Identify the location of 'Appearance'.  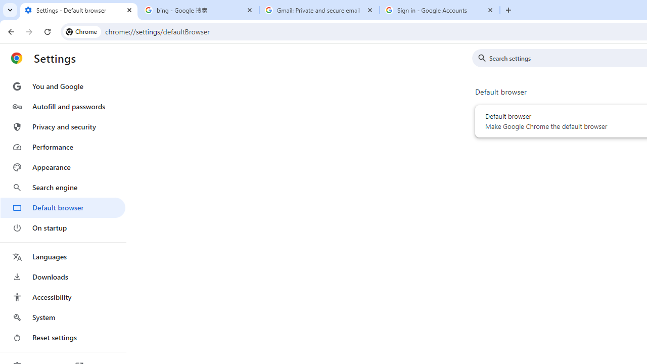
(62, 167).